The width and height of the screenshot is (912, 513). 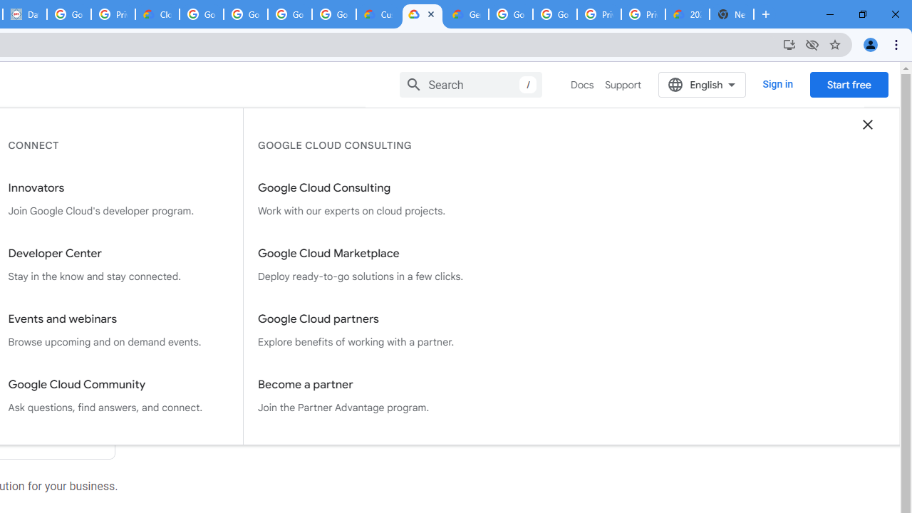 What do you see at coordinates (866, 123) in the screenshot?
I see `'Close dropdown menu'` at bounding box center [866, 123].